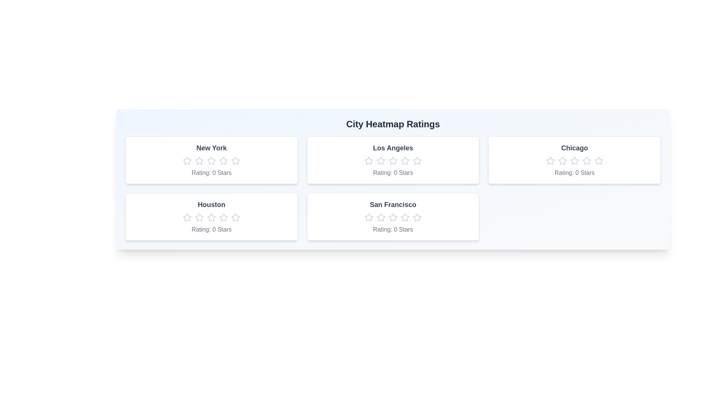  I want to click on the New York rating star number 2, so click(199, 160).